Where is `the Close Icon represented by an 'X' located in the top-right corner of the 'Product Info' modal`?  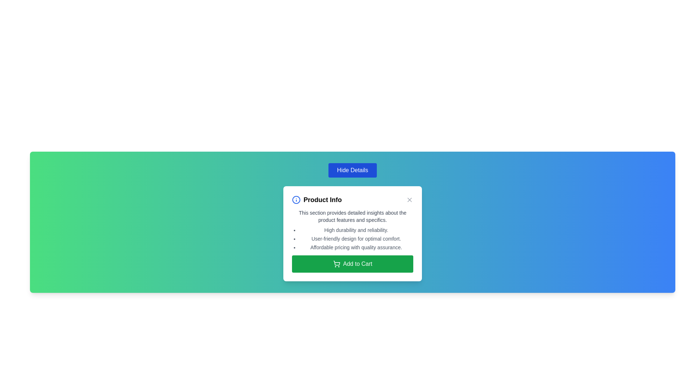 the Close Icon represented by an 'X' located in the top-right corner of the 'Product Info' modal is located at coordinates (409, 200).